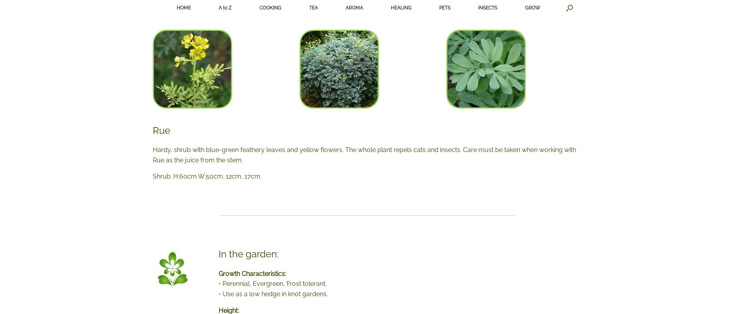  Describe the element at coordinates (487, 7) in the screenshot. I see `'INSECTS'` at that location.